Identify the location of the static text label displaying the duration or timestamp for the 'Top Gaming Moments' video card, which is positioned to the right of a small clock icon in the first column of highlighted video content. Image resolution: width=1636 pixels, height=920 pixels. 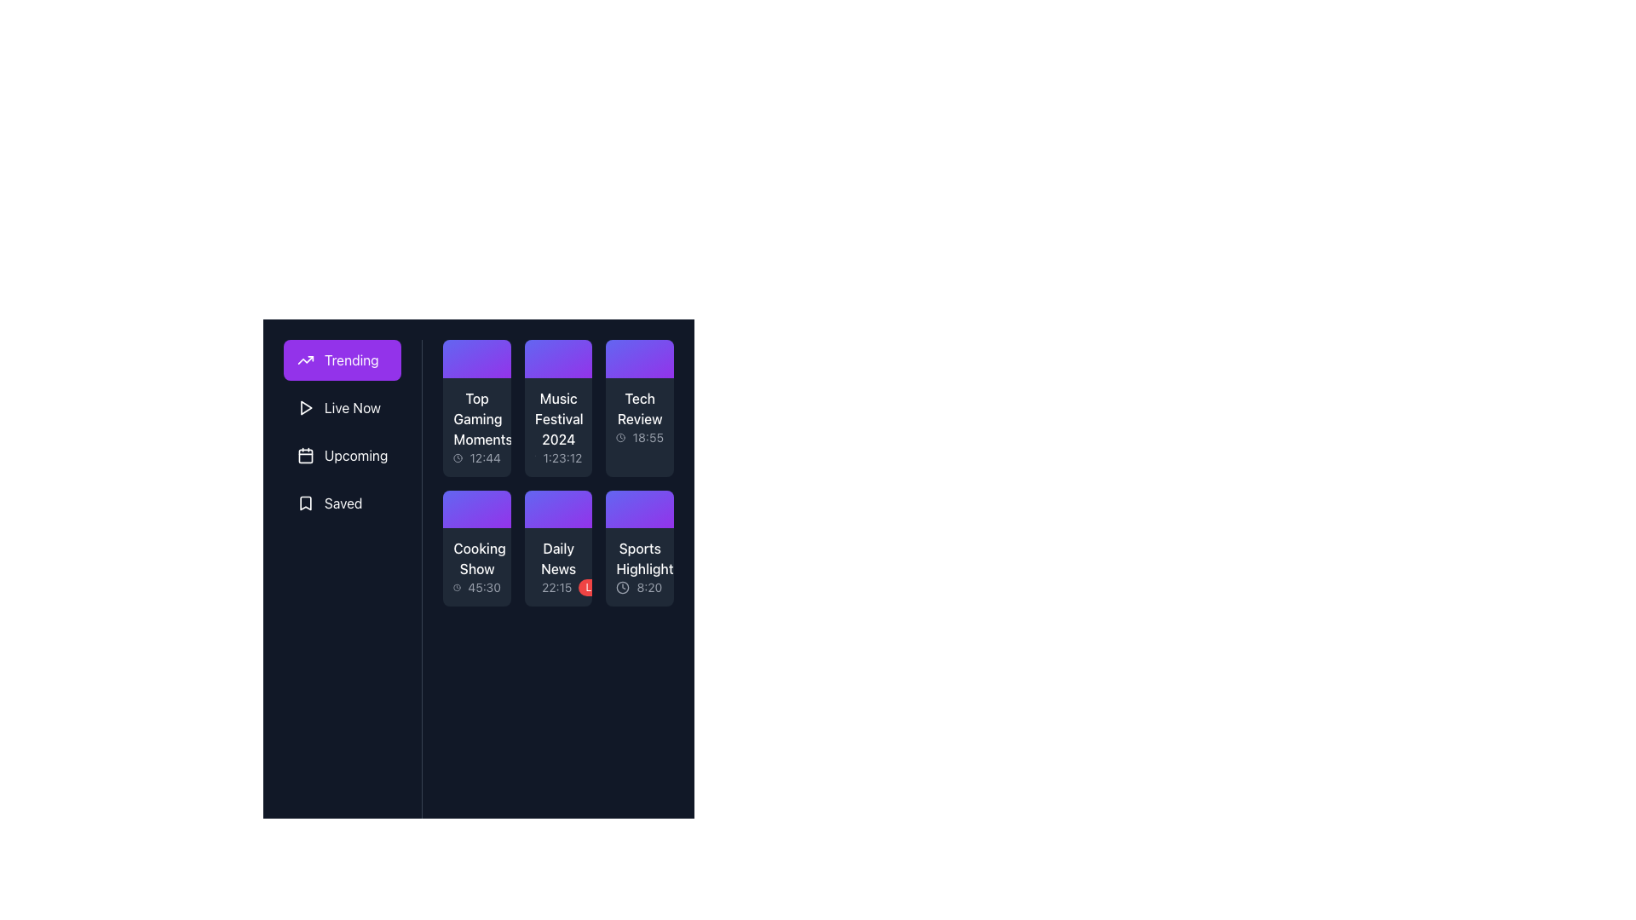
(484, 457).